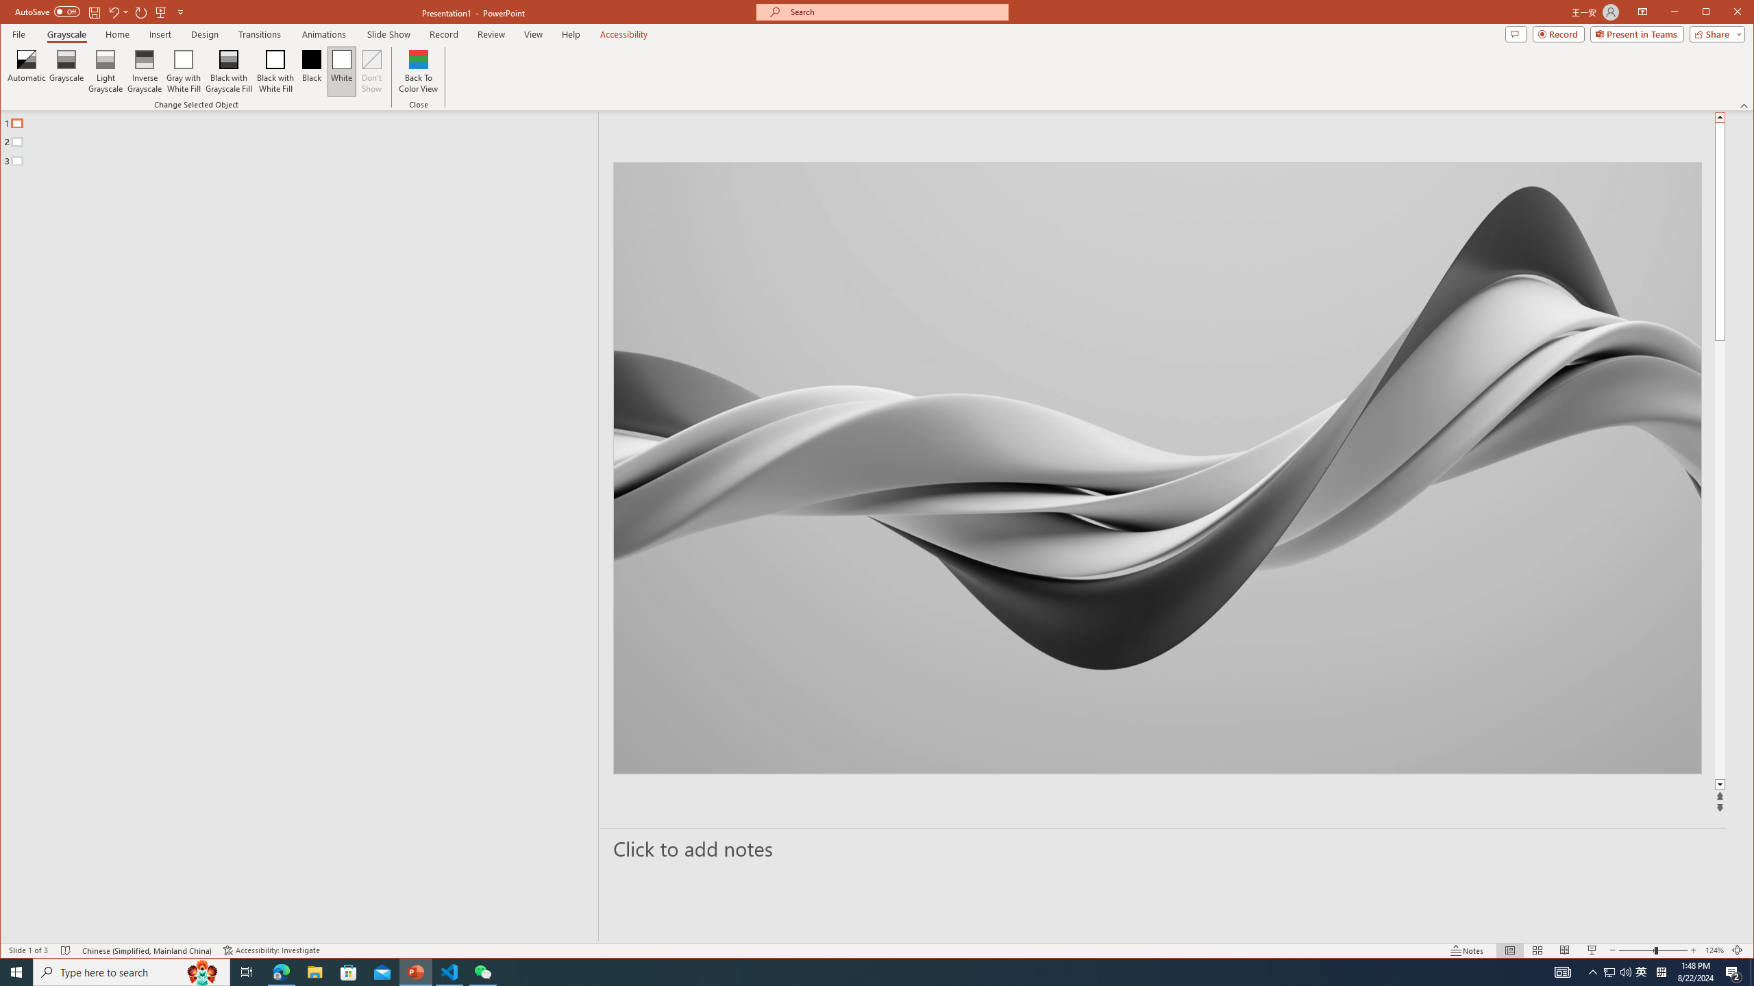 This screenshot has height=986, width=1754. Describe the element at coordinates (280, 971) in the screenshot. I see `'Microsoft Edge - 1 running window'` at that location.